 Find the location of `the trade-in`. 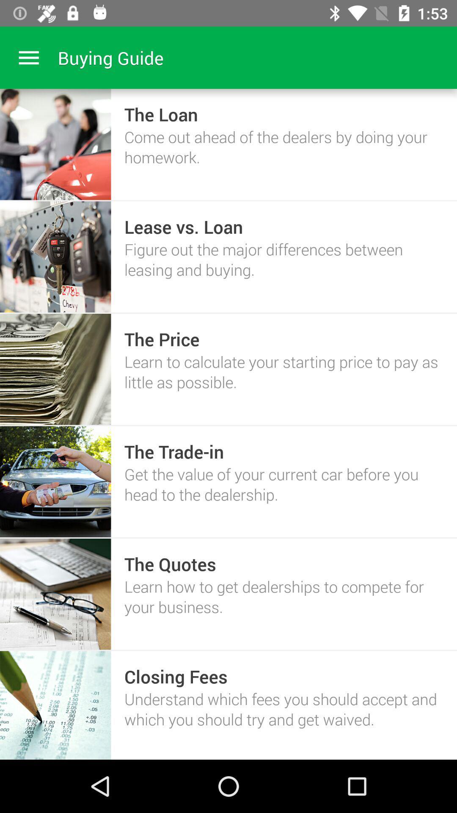

the trade-in is located at coordinates (173, 451).